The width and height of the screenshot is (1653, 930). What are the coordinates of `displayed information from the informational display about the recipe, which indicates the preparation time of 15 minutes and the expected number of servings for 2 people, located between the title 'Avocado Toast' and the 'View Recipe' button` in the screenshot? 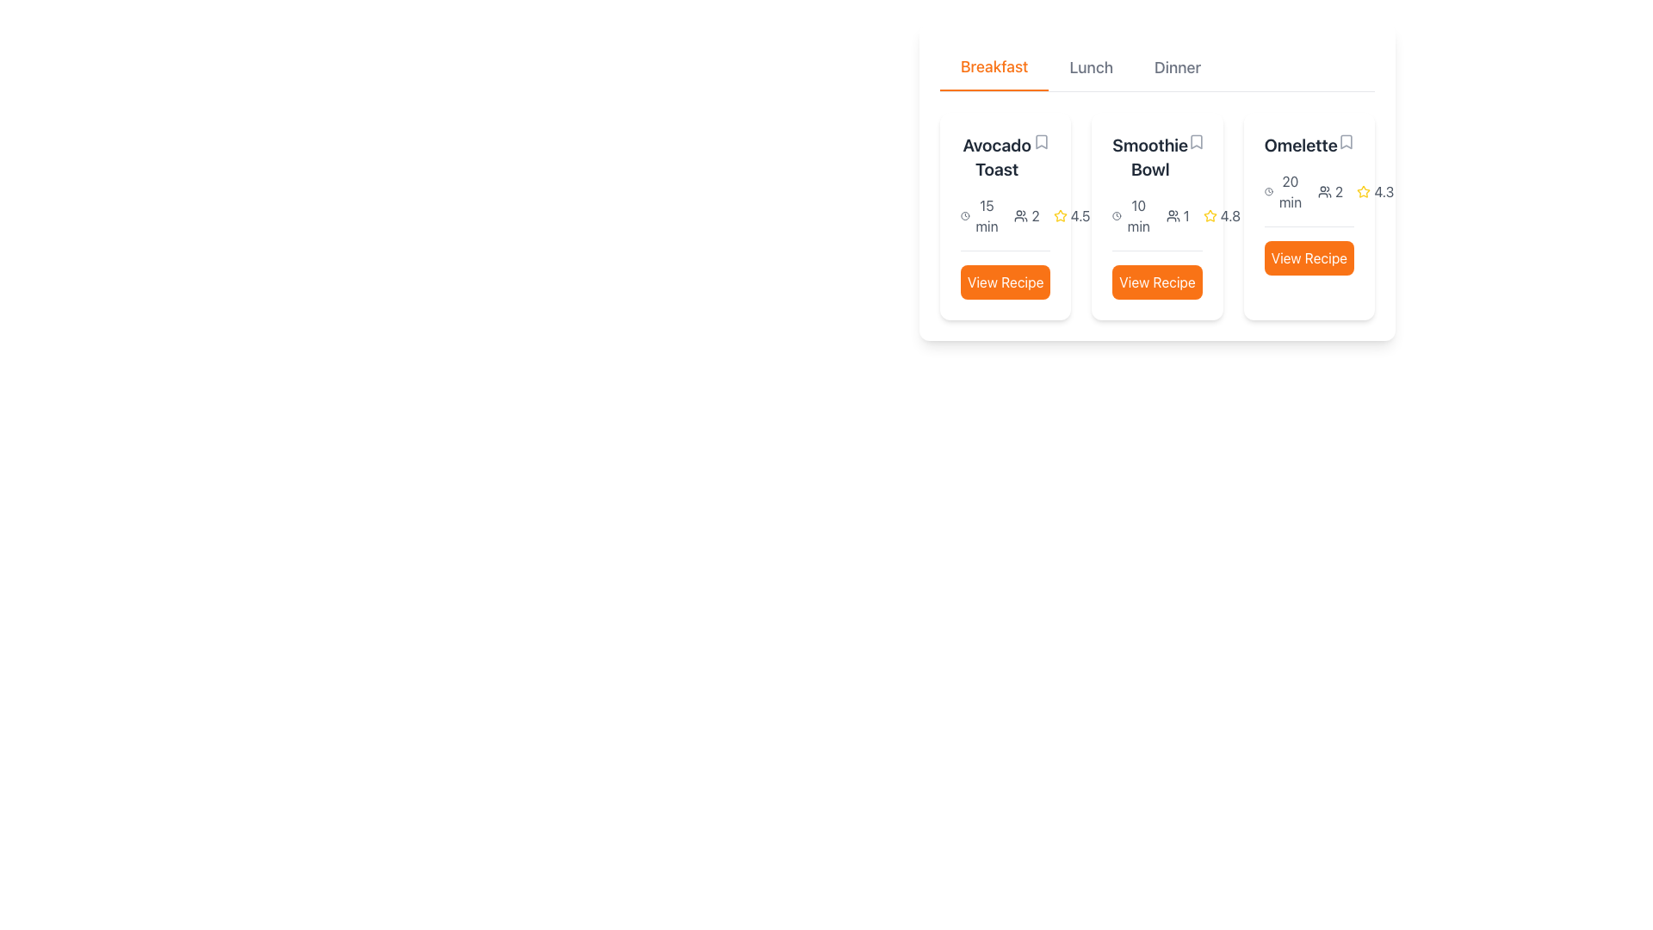 It's located at (1006, 214).